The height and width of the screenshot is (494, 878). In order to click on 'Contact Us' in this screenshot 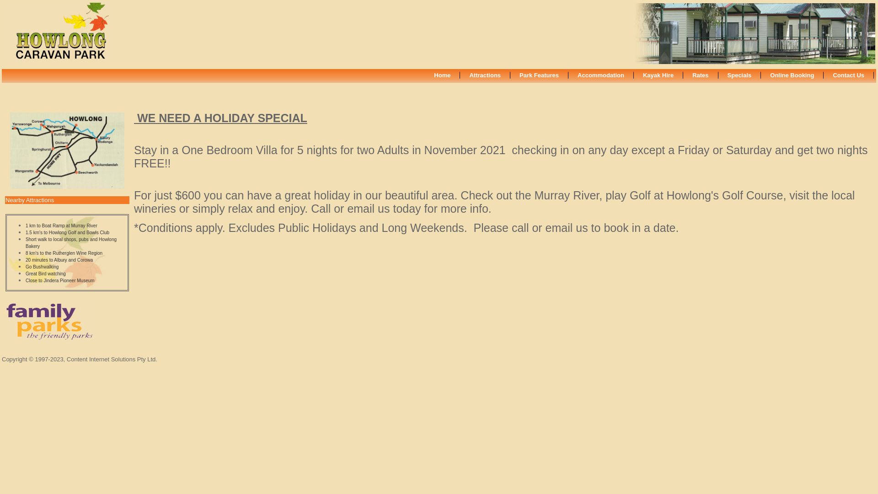, I will do `click(848, 75)`.